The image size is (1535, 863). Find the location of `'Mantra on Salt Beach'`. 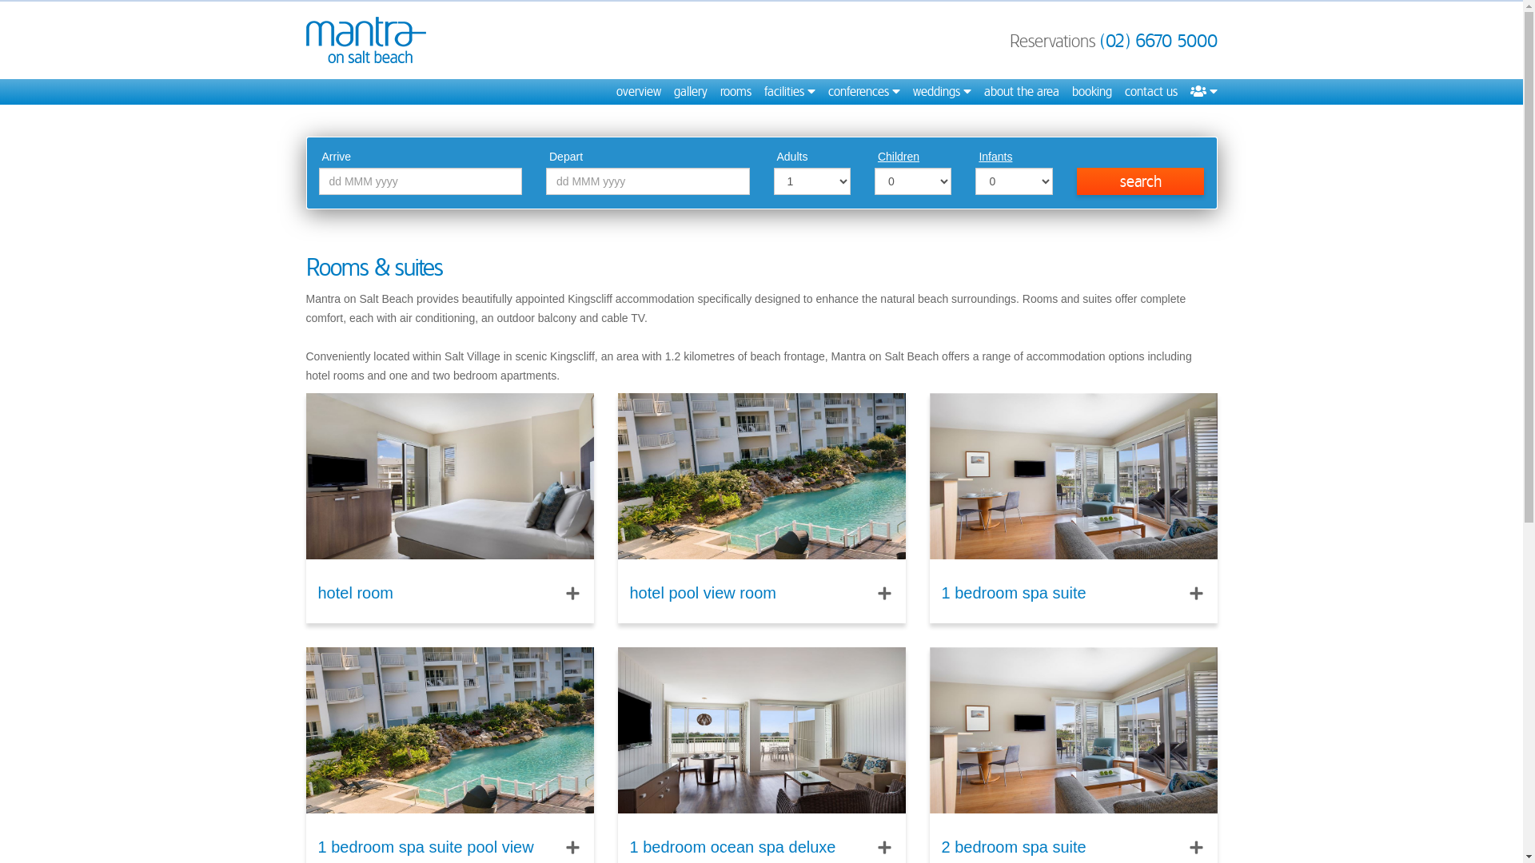

'Mantra on Salt Beach' is located at coordinates (364, 38).